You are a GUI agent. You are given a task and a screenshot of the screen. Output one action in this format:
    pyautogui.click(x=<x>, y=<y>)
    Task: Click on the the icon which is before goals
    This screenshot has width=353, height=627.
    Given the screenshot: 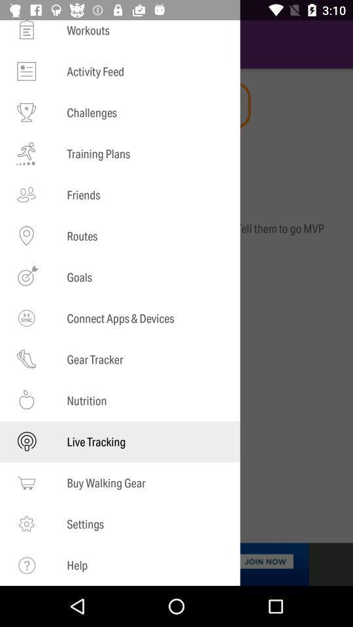 What is the action you would take?
    pyautogui.click(x=26, y=277)
    